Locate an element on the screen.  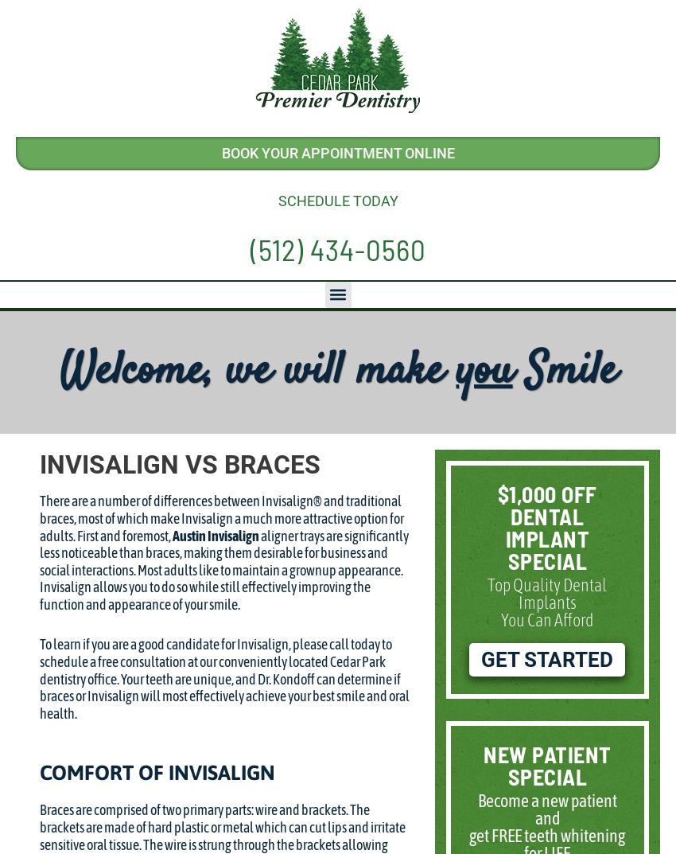
'Austin Invisalign' is located at coordinates (215, 535).